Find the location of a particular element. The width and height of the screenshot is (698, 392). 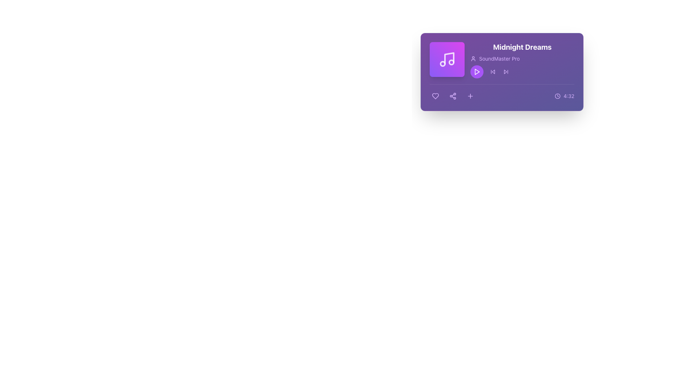

the small circular SVG element with a radius of '3', located in the upper right area of the musical note icon within the music player card, next to the text 'Midnight Dreams' is located at coordinates (451, 62).